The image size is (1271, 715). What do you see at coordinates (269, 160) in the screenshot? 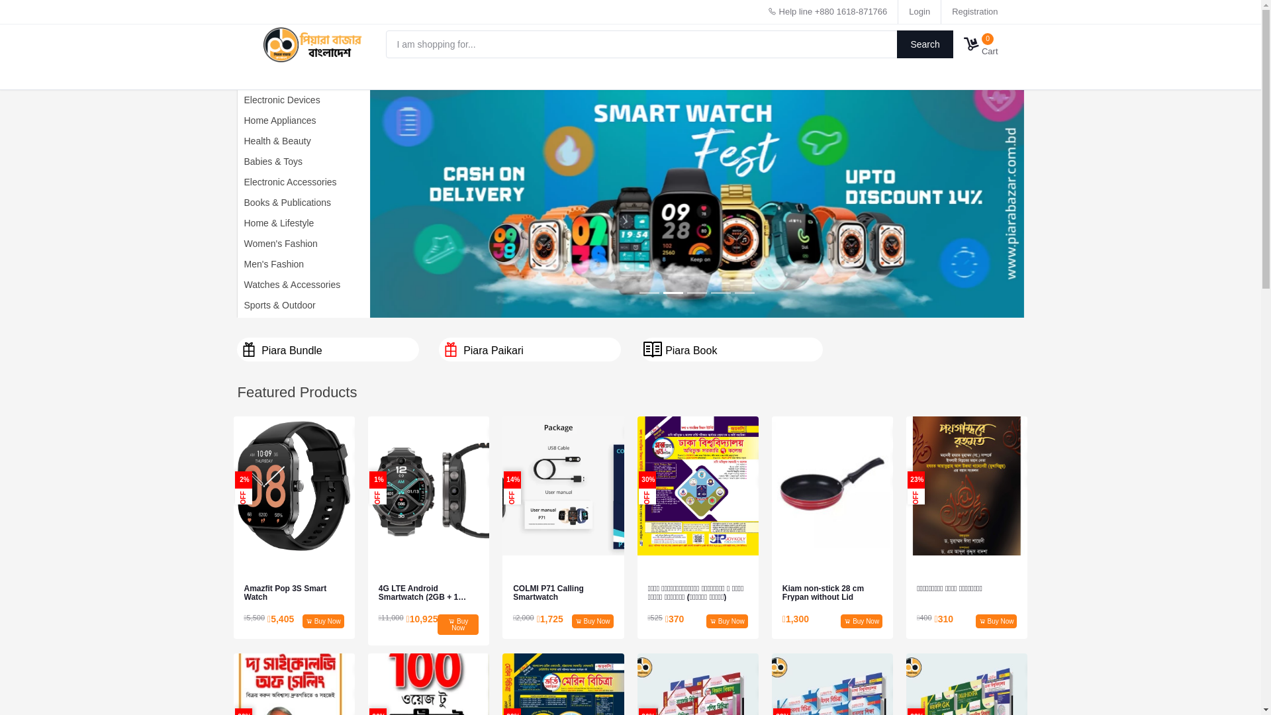
I see `'Babies & Toys'` at bounding box center [269, 160].